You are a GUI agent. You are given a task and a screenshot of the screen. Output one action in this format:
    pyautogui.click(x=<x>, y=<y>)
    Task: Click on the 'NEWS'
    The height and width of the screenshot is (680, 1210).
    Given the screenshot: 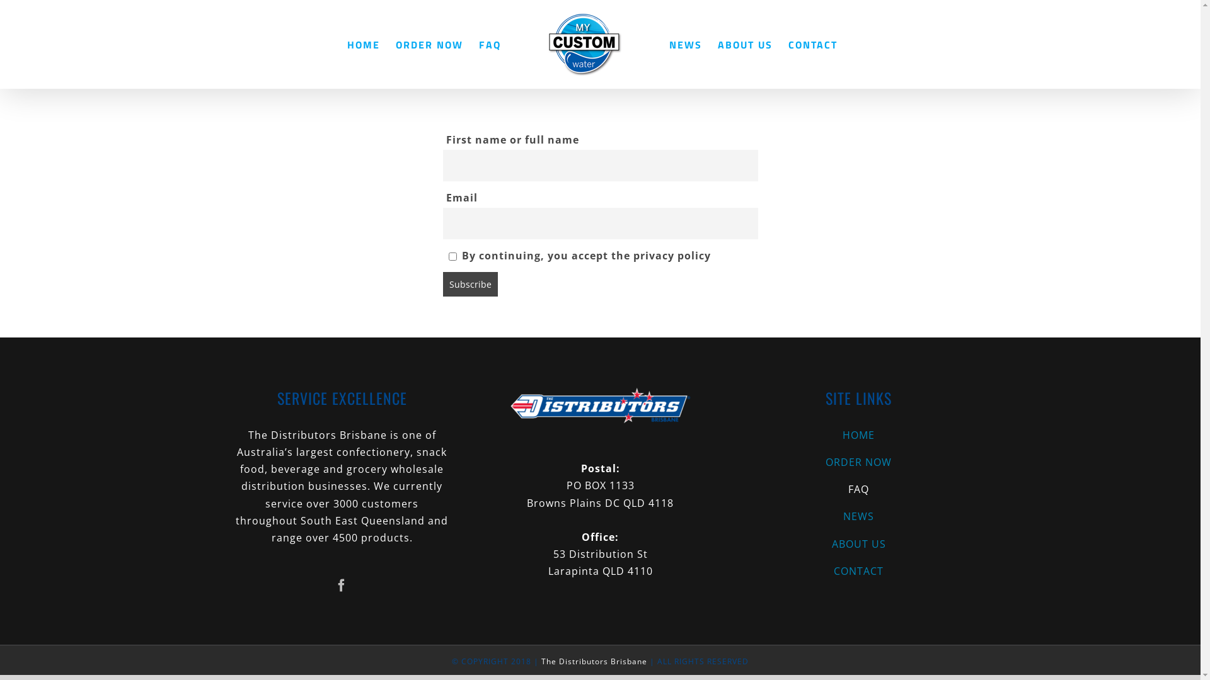 What is the action you would take?
    pyautogui.click(x=685, y=43)
    